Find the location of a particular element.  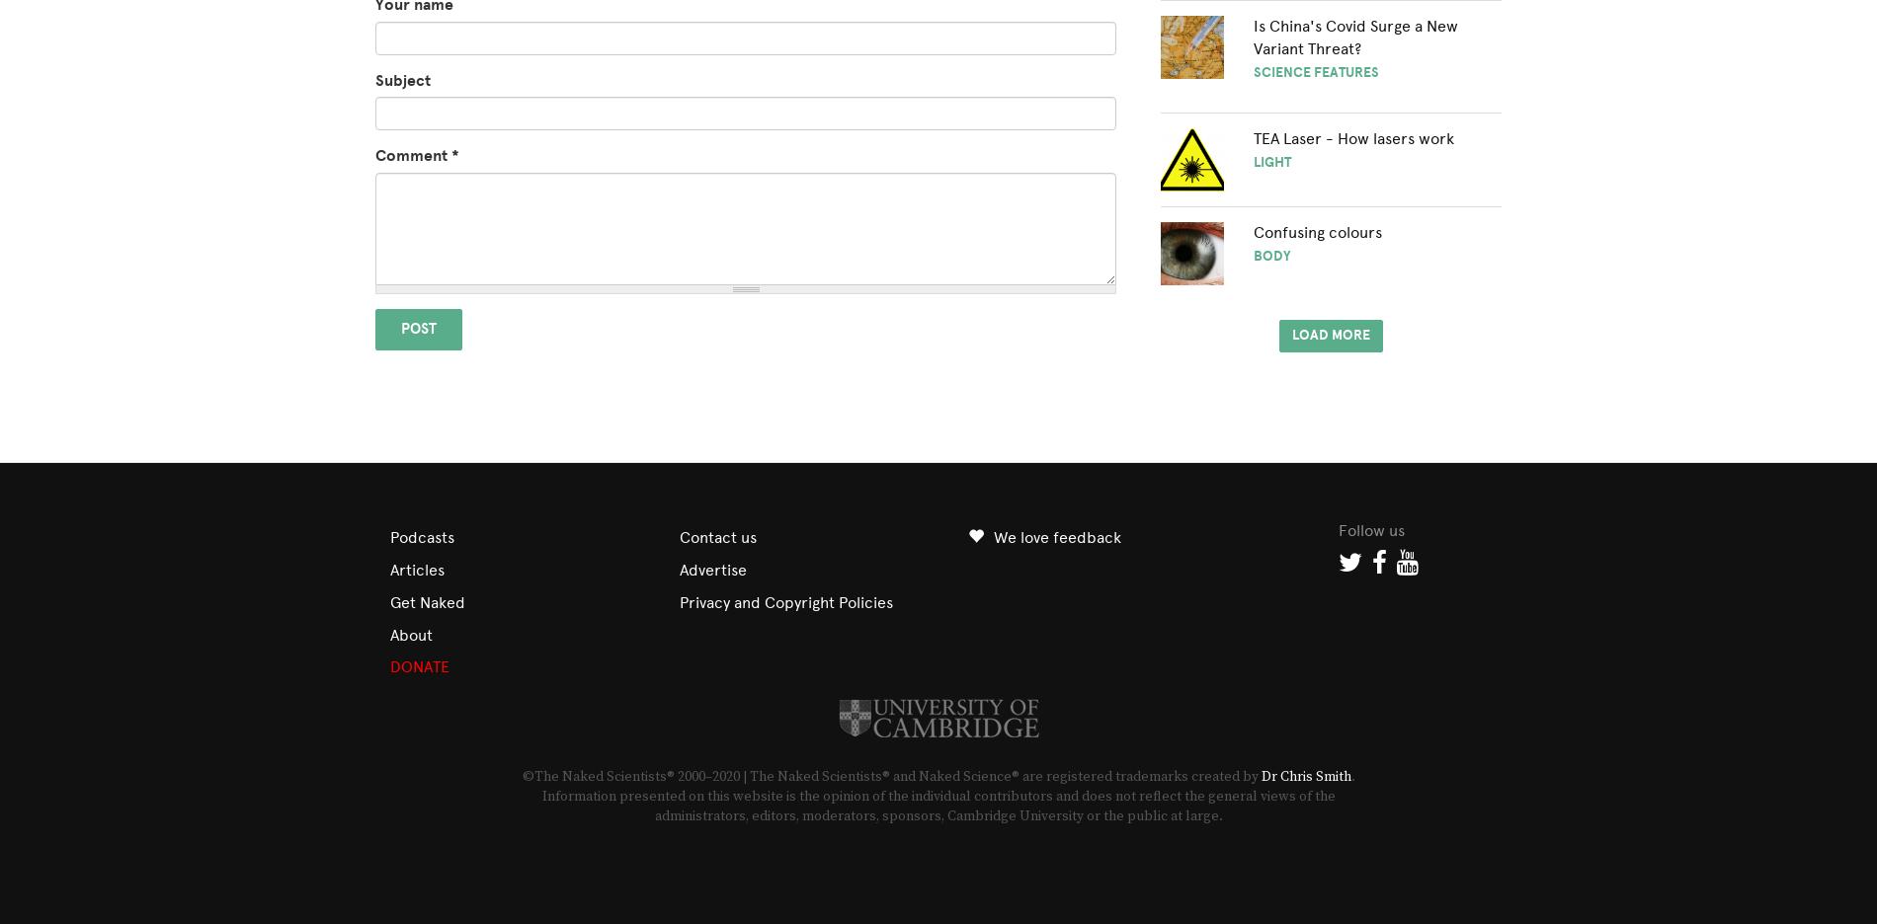

'Privacy and Copyright Policies' is located at coordinates (783, 601).